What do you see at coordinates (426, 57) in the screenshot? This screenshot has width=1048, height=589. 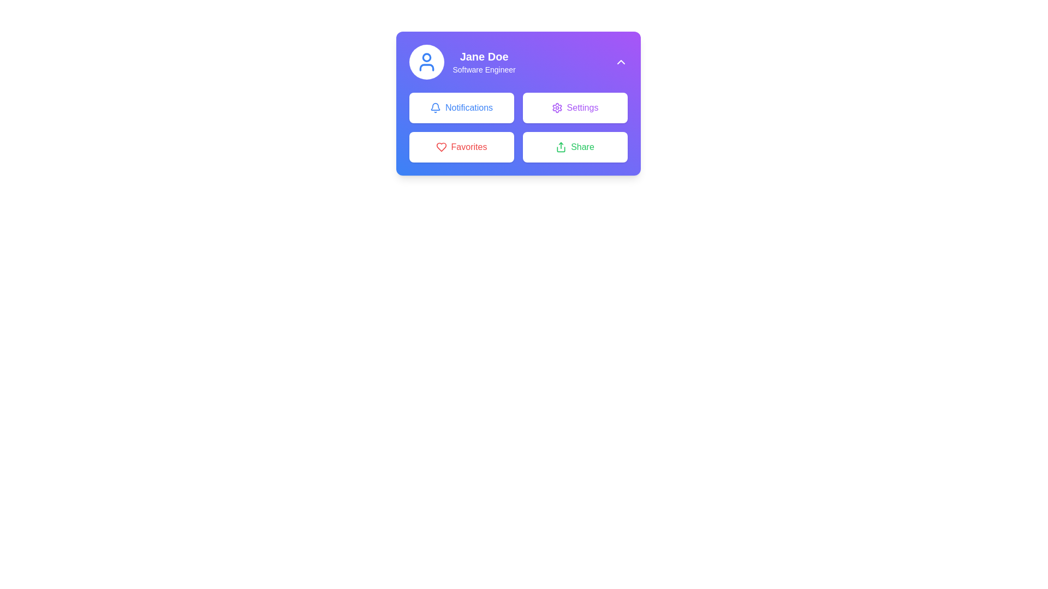 I see `the circular blue and white icon representing the user's head within the avatar illustration, located at the top-left corner of the card` at bounding box center [426, 57].